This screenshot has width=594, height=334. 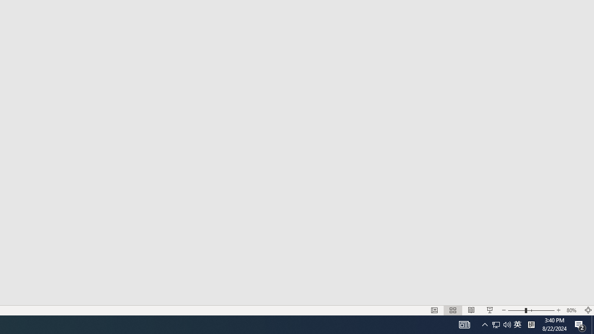 I want to click on 'Show desktop', so click(x=592, y=324).